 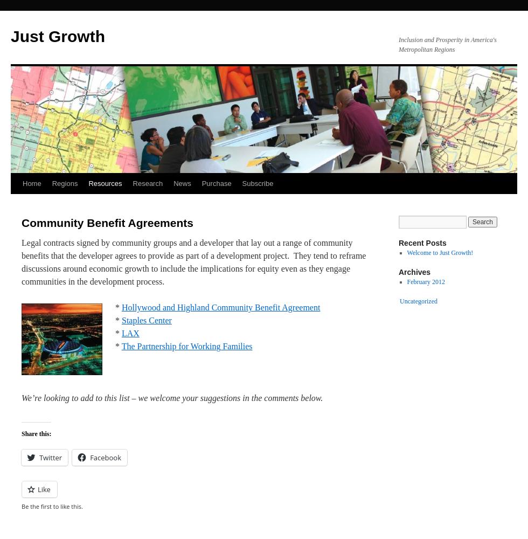 What do you see at coordinates (422, 243) in the screenshot?
I see `'Recent Posts'` at bounding box center [422, 243].